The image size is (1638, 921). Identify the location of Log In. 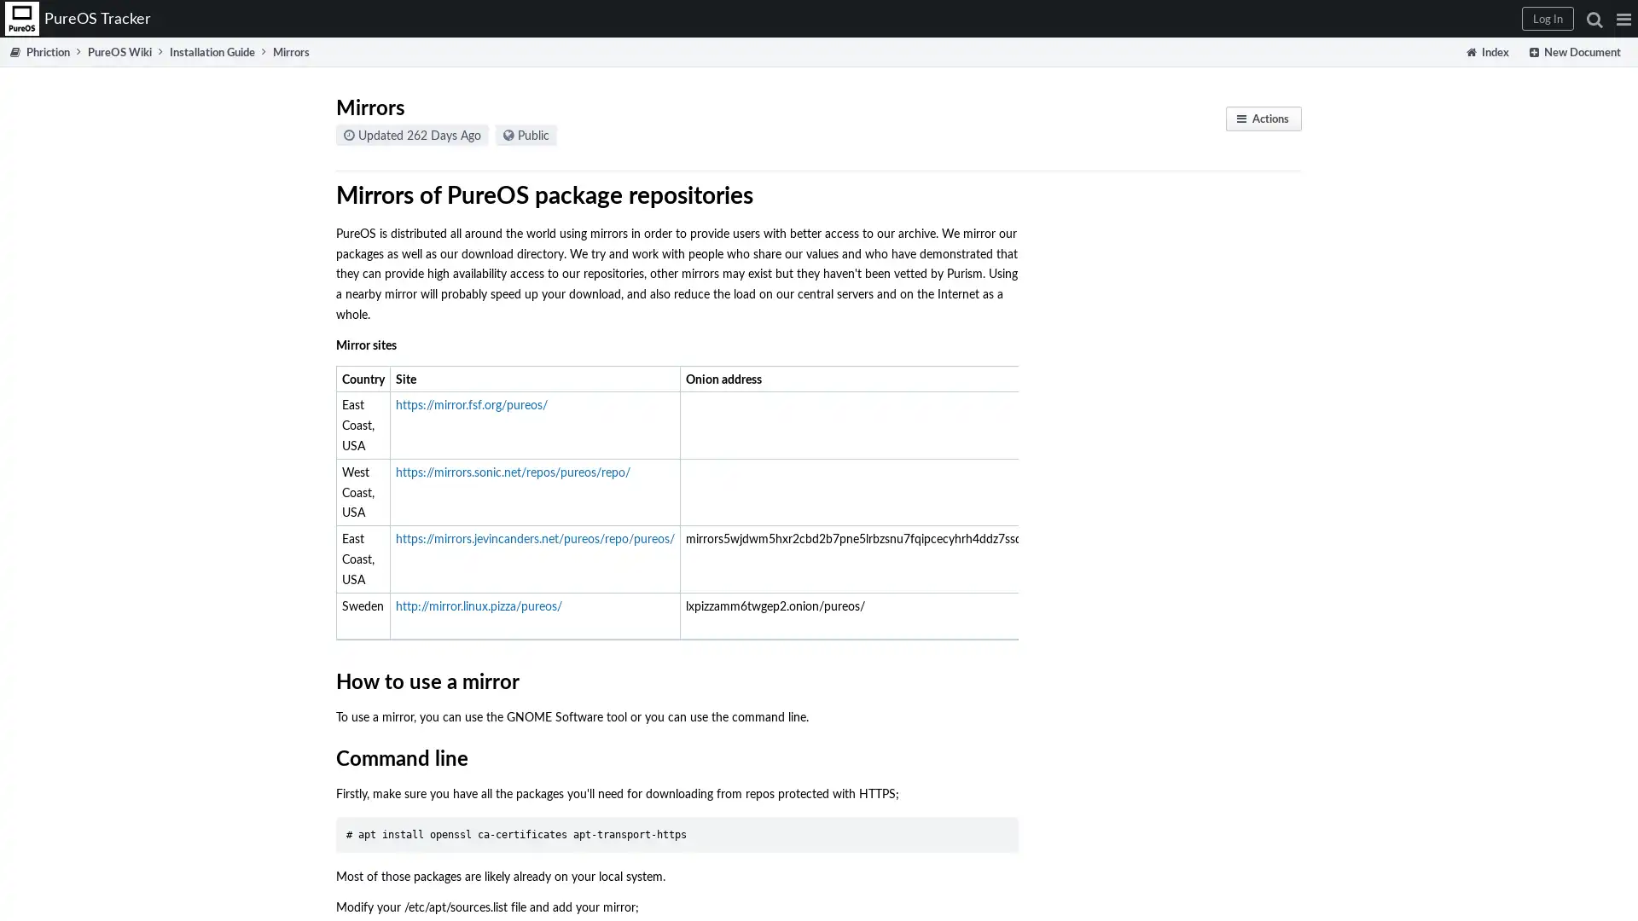
(1548, 19).